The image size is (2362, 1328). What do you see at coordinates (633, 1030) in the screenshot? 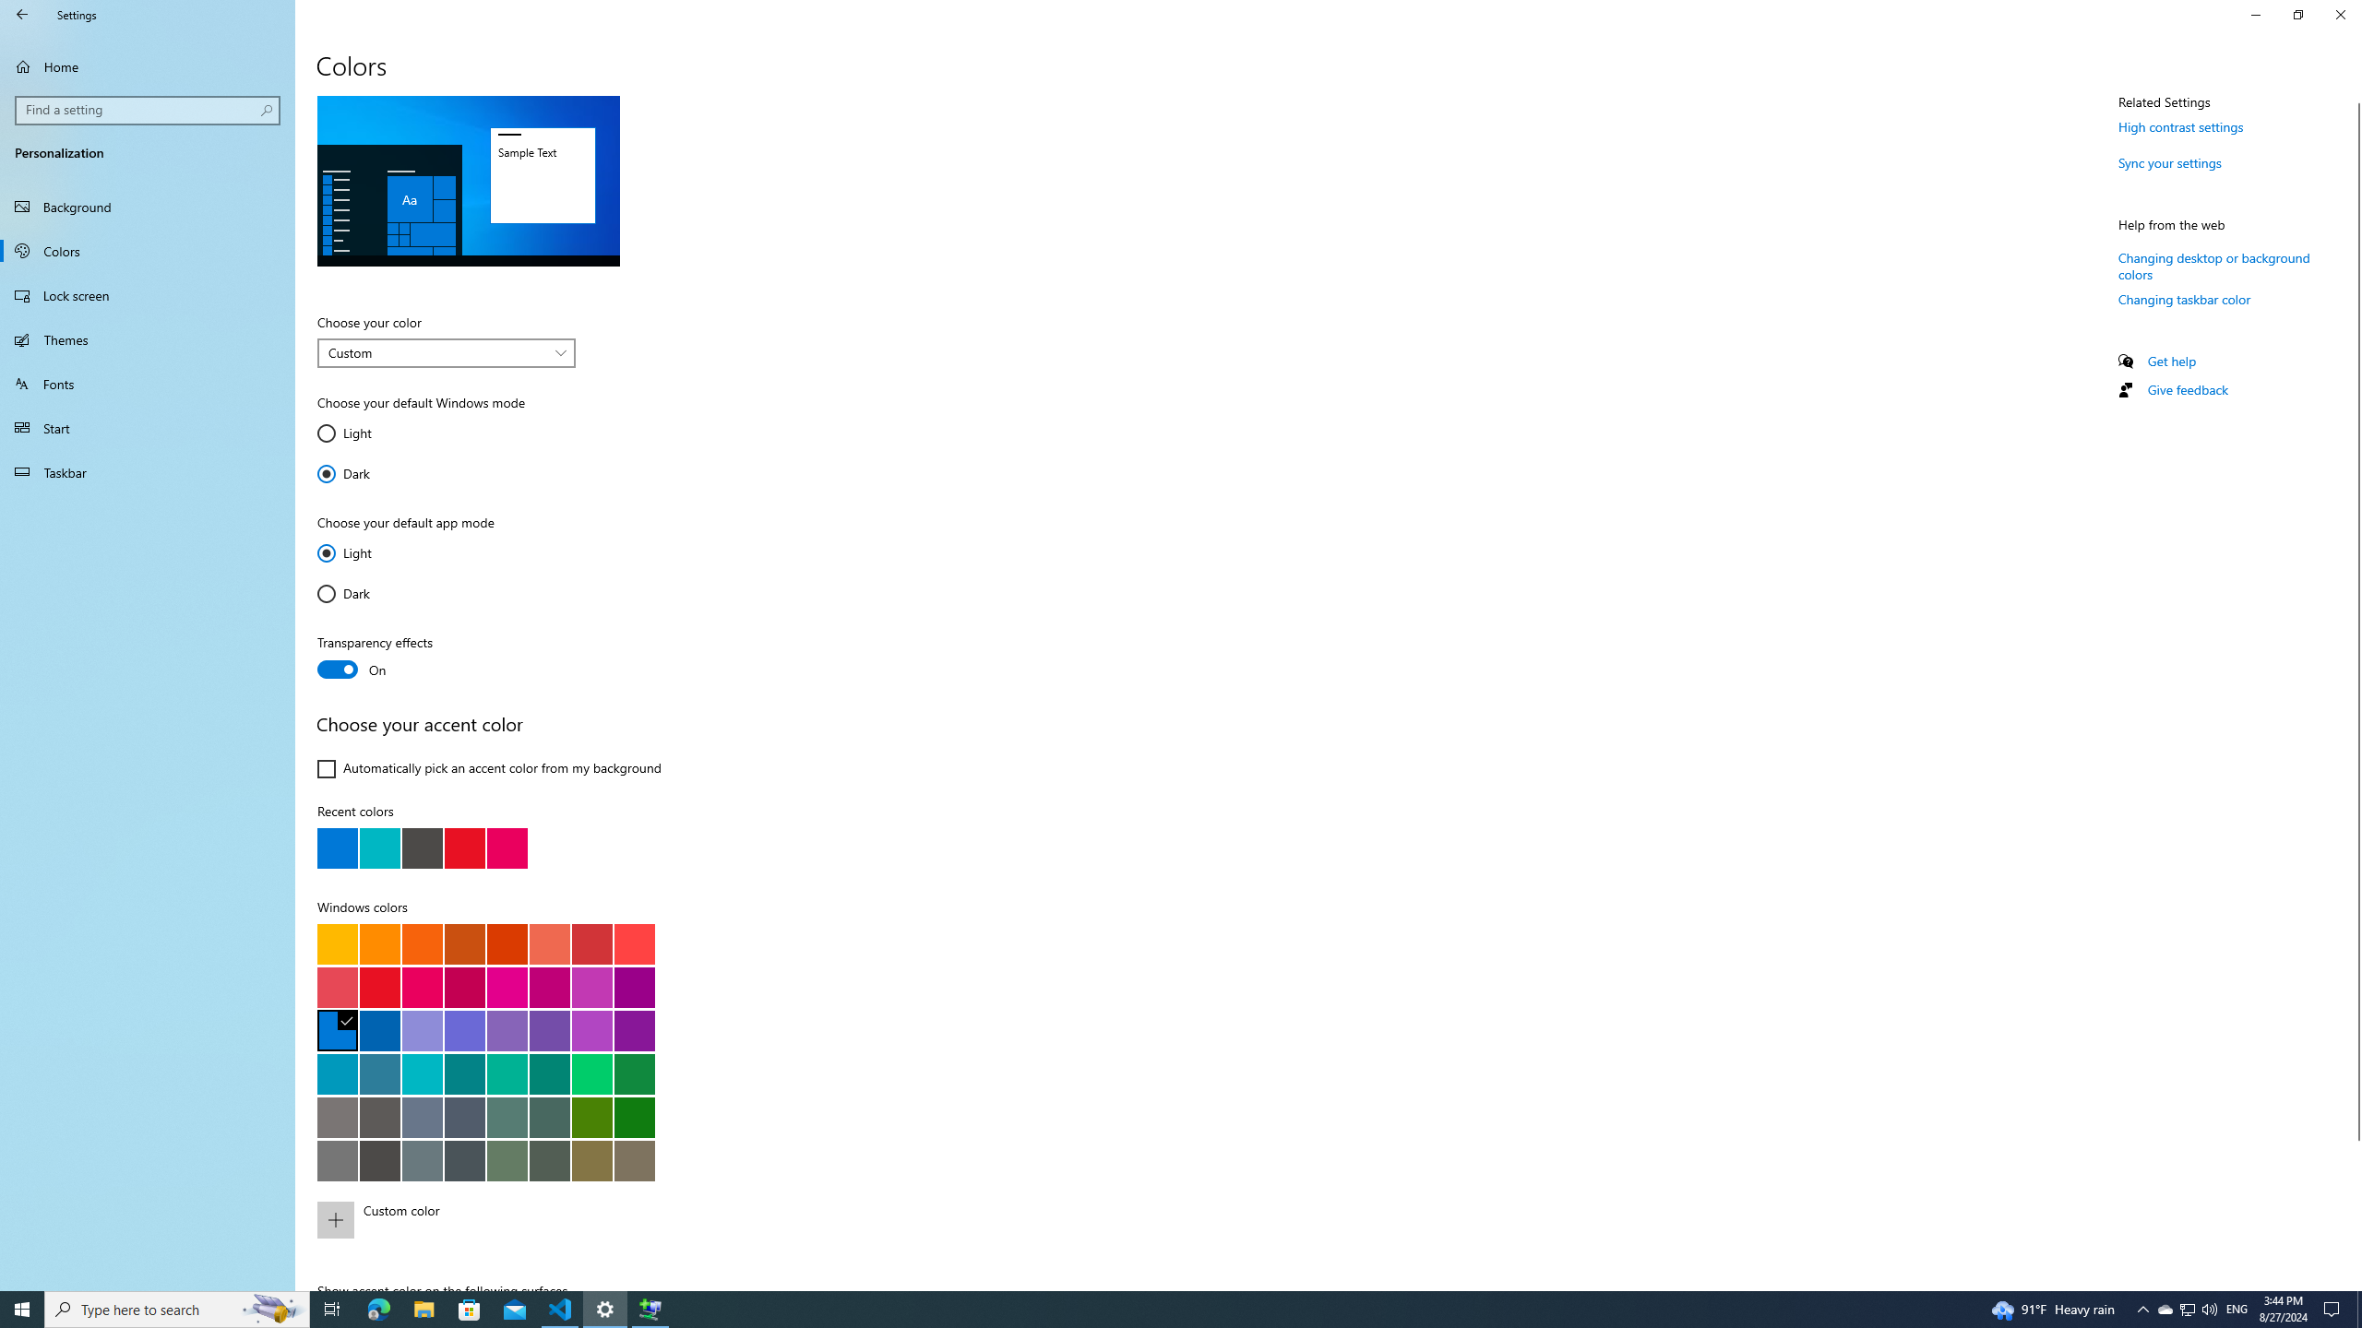
I see `'Violet red'` at bounding box center [633, 1030].